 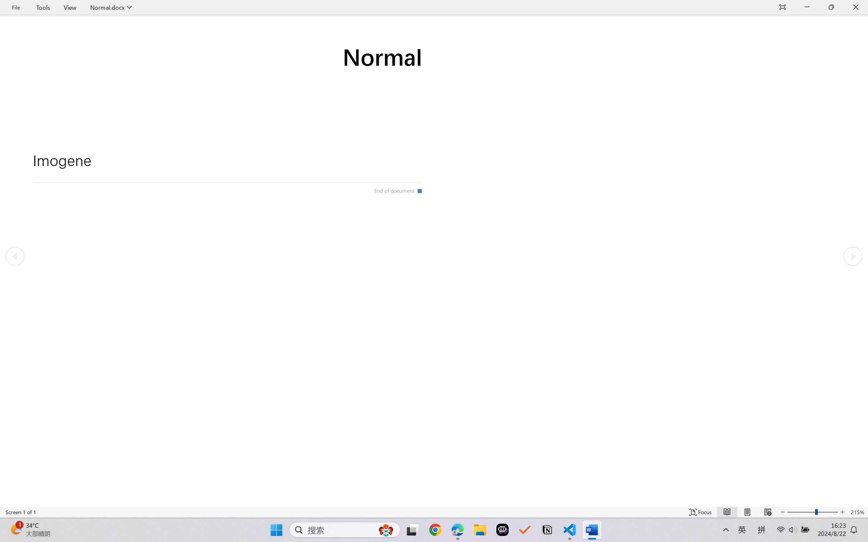 What do you see at coordinates (783, 7) in the screenshot?
I see `'Auto-hide Reading Toolbar'` at bounding box center [783, 7].